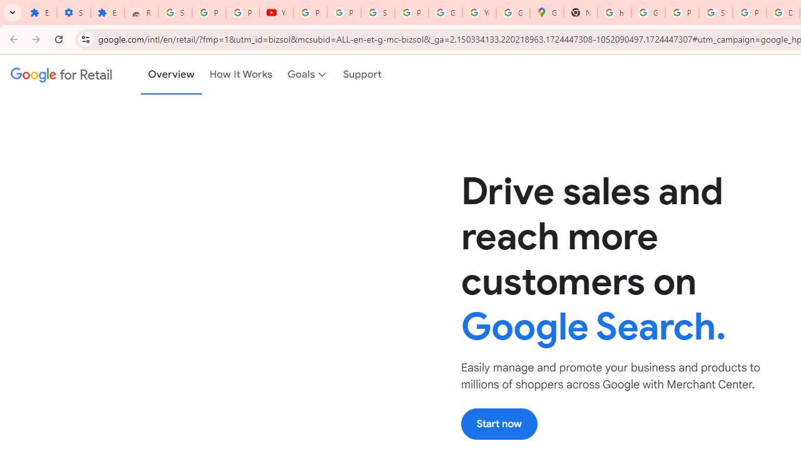 The width and height of the screenshot is (801, 451). What do you see at coordinates (362, 75) in the screenshot?
I see `'Support'` at bounding box center [362, 75].